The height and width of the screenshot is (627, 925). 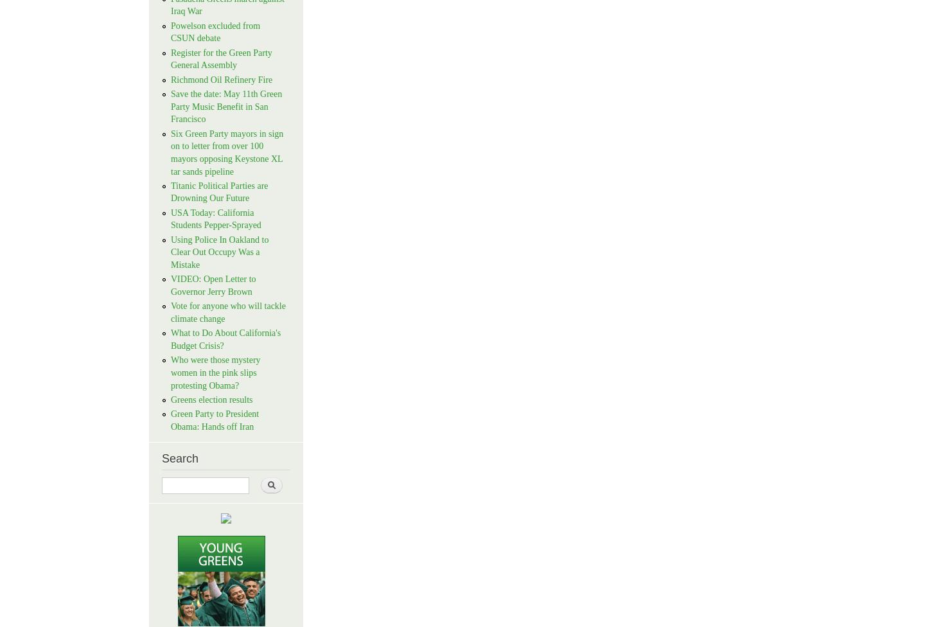 I want to click on 'Register for the Green Party General Assembly', so click(x=221, y=58).